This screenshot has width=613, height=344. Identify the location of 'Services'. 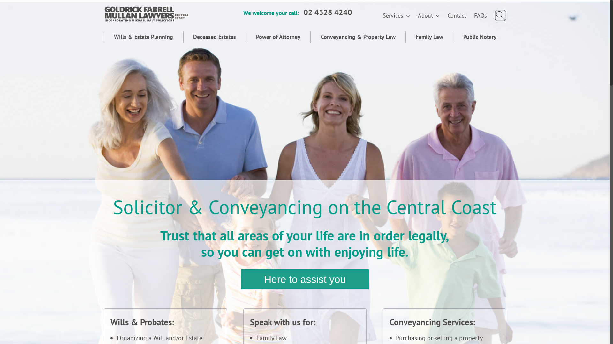
(396, 15).